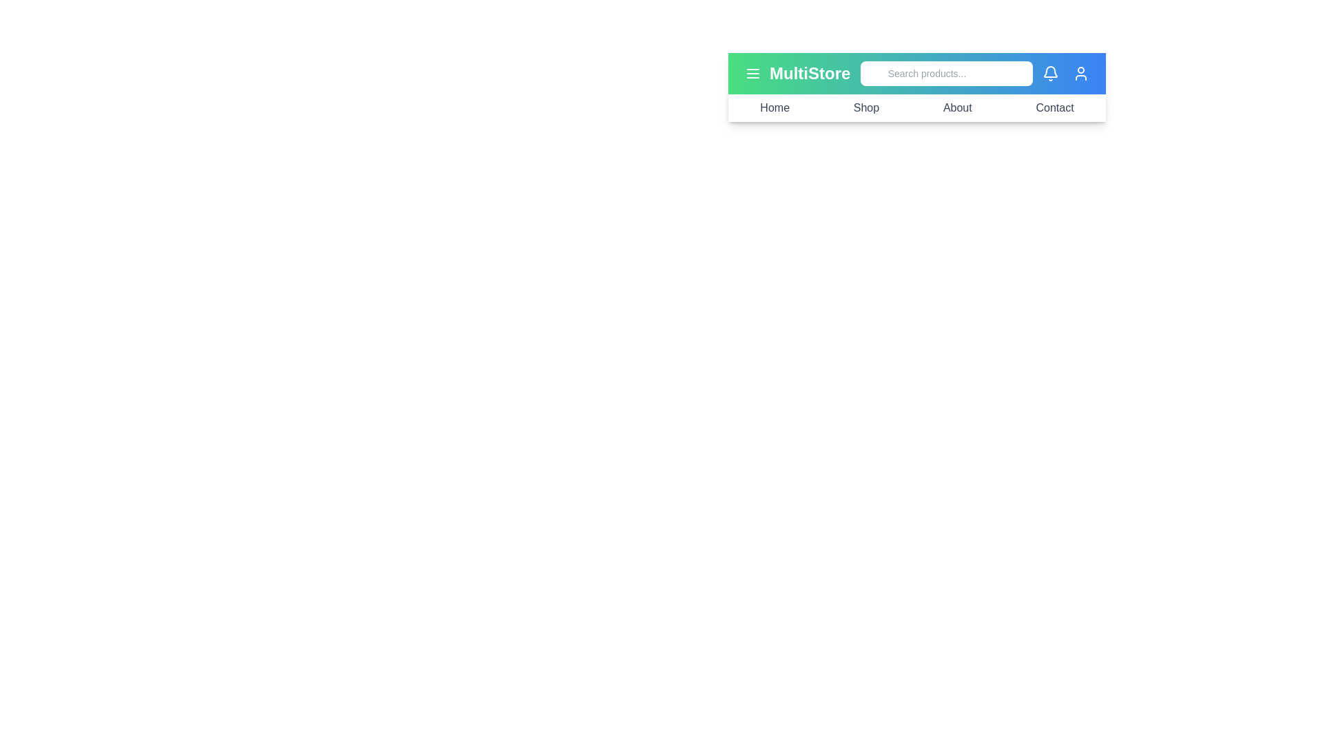  What do you see at coordinates (752, 74) in the screenshot?
I see `the menu icon to toggle the menu's visibility` at bounding box center [752, 74].